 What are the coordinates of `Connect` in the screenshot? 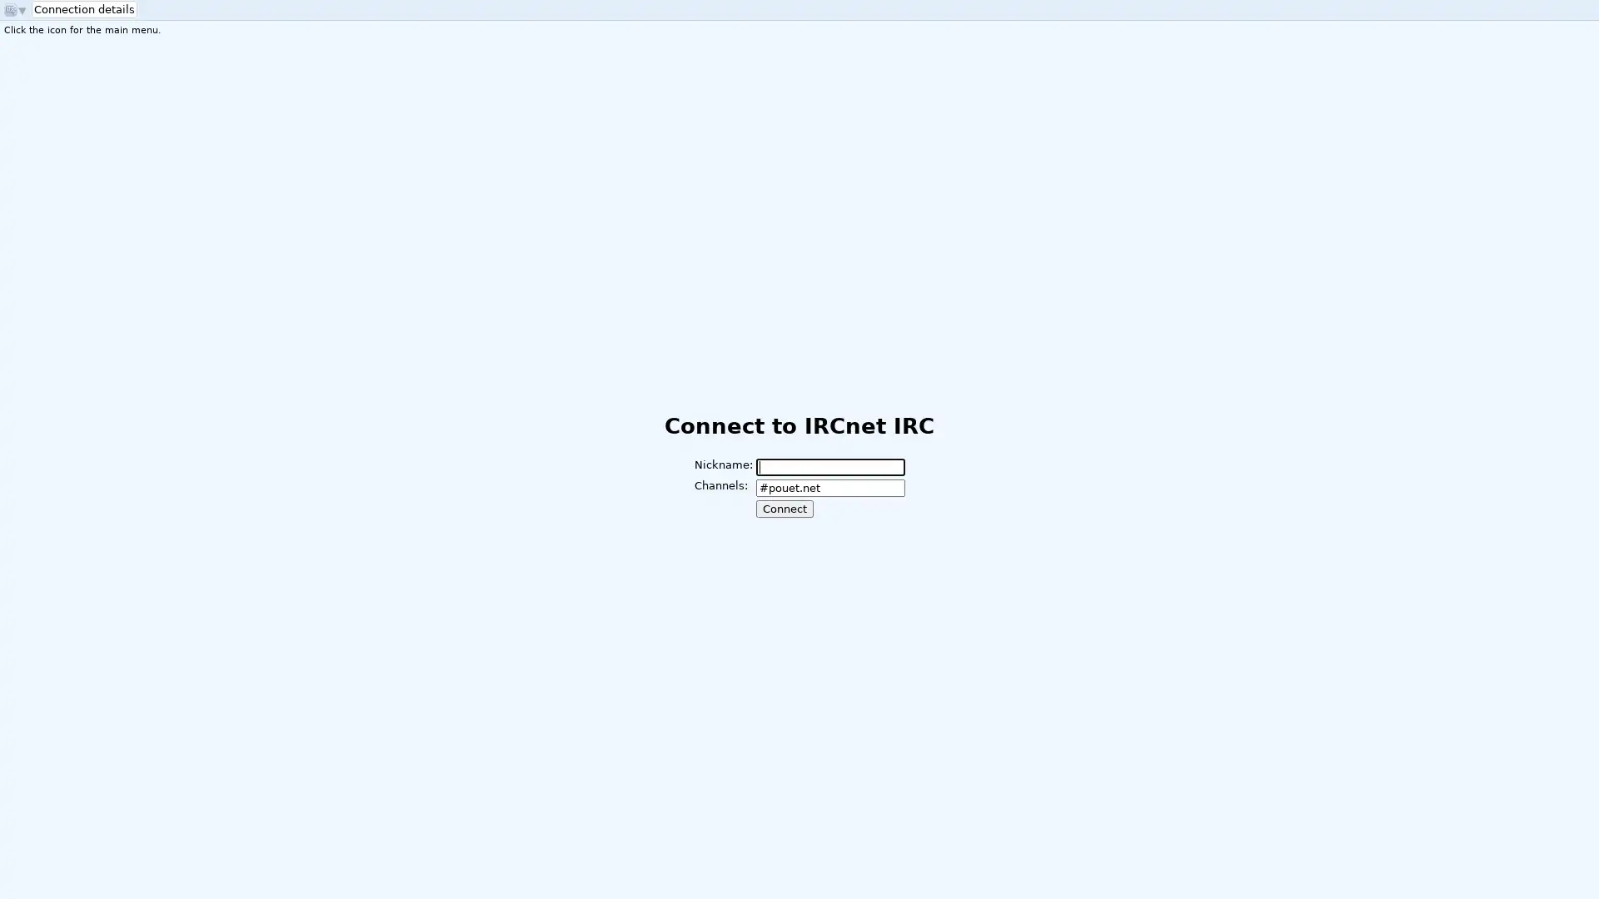 It's located at (783, 508).